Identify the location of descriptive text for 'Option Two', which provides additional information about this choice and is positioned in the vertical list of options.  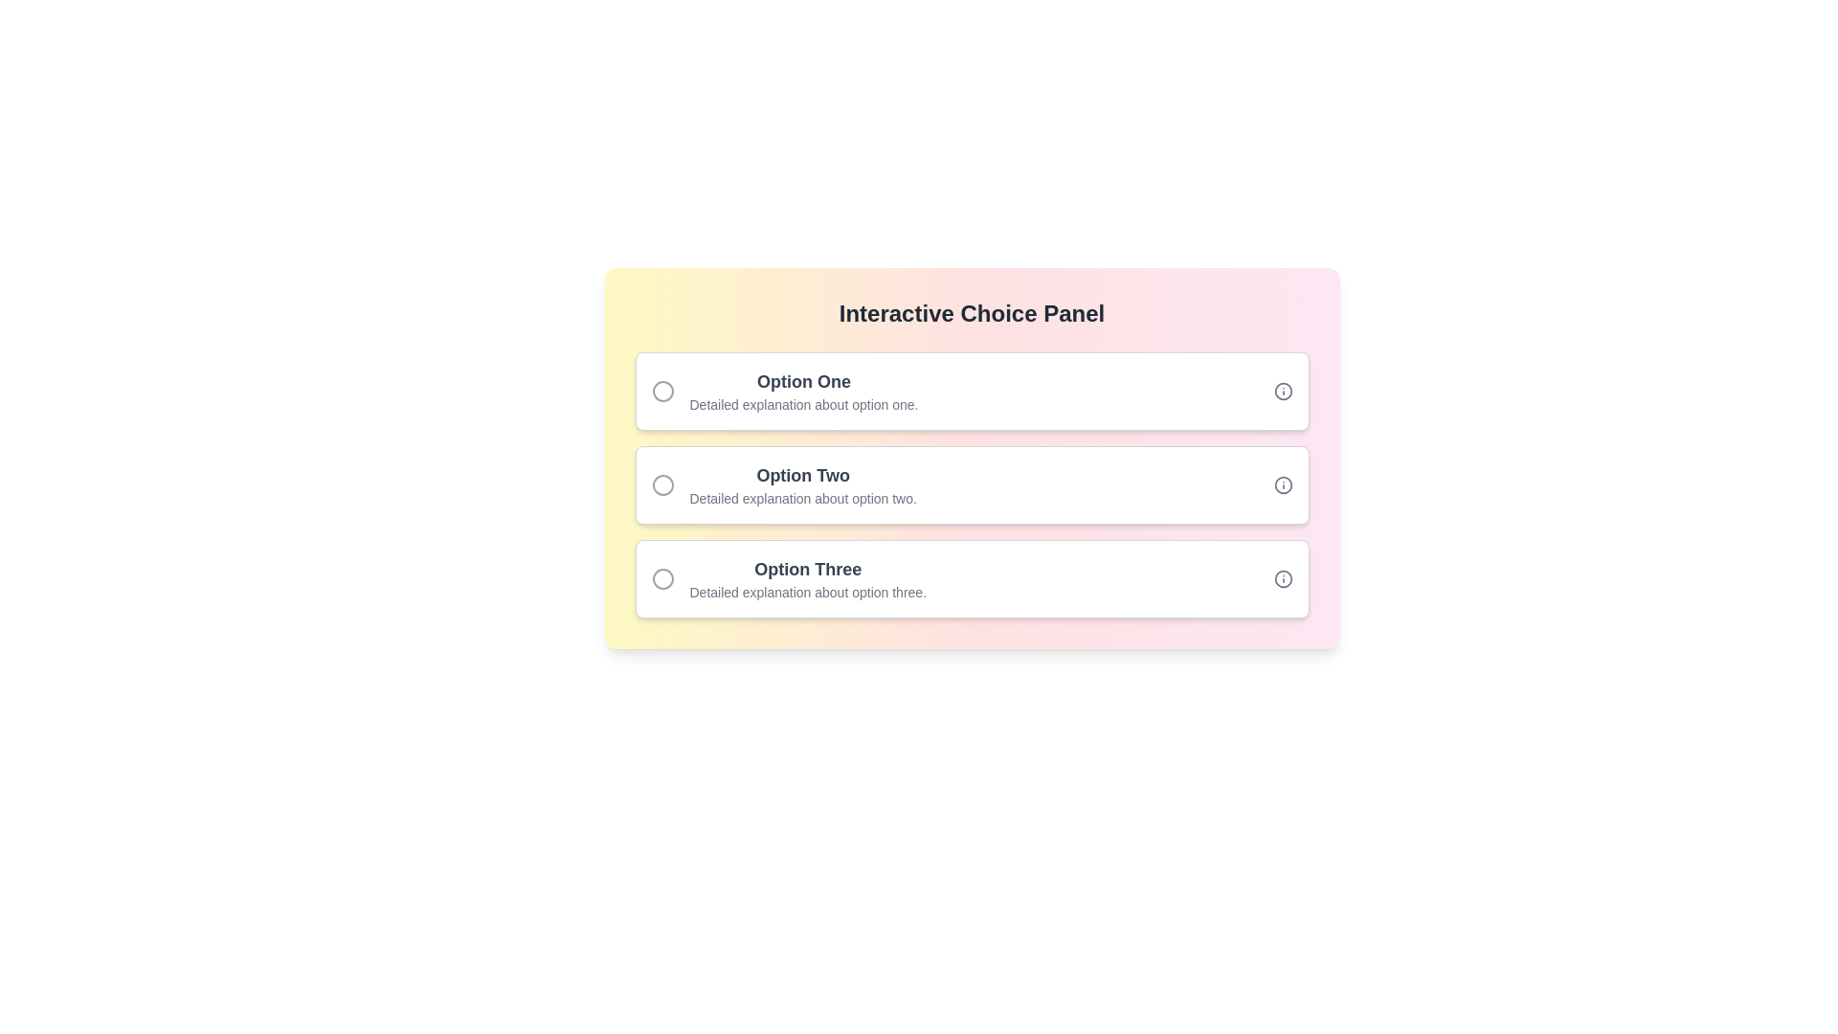
(803, 483).